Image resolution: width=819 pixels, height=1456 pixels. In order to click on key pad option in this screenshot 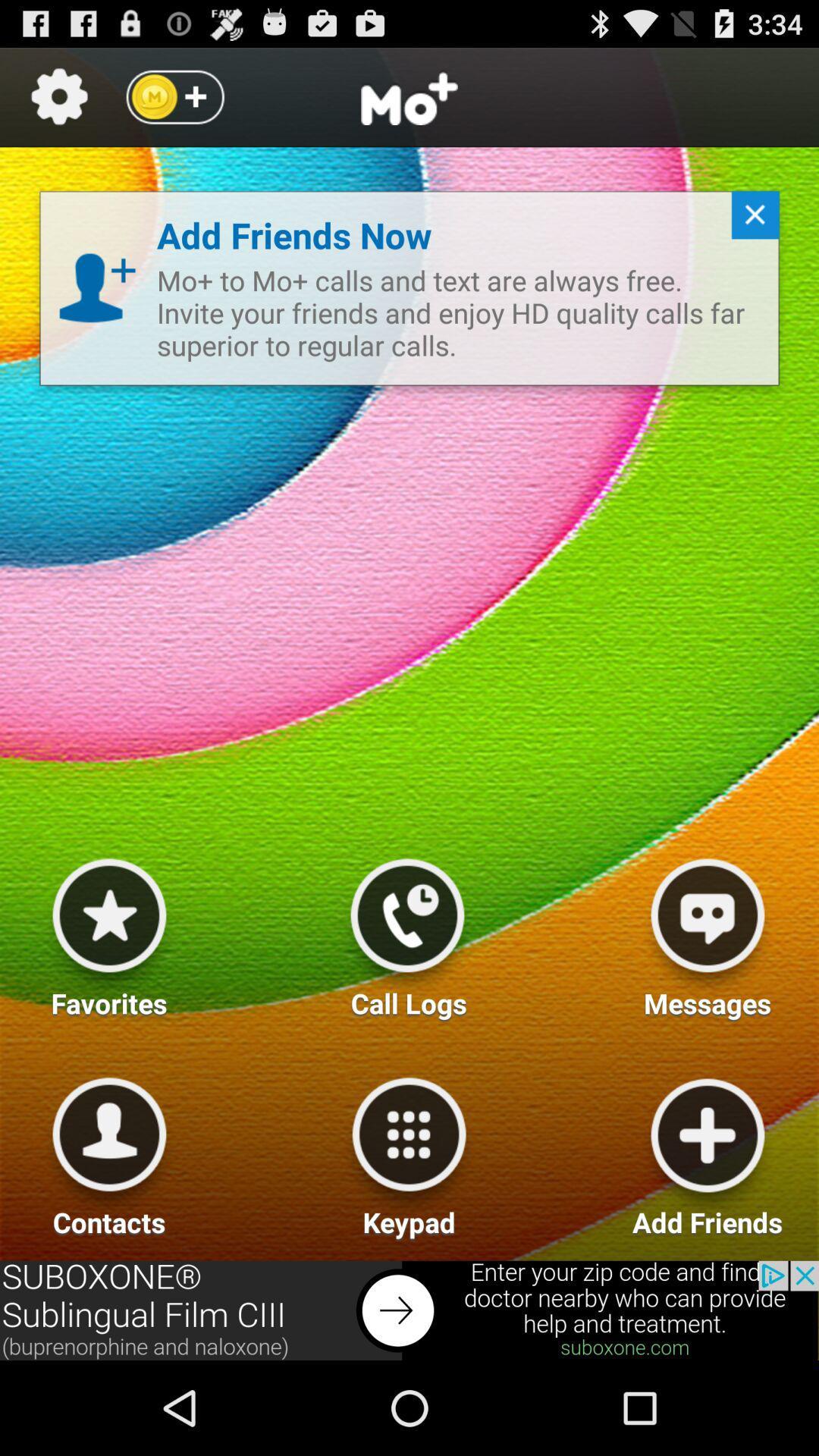, I will do `click(408, 1151)`.